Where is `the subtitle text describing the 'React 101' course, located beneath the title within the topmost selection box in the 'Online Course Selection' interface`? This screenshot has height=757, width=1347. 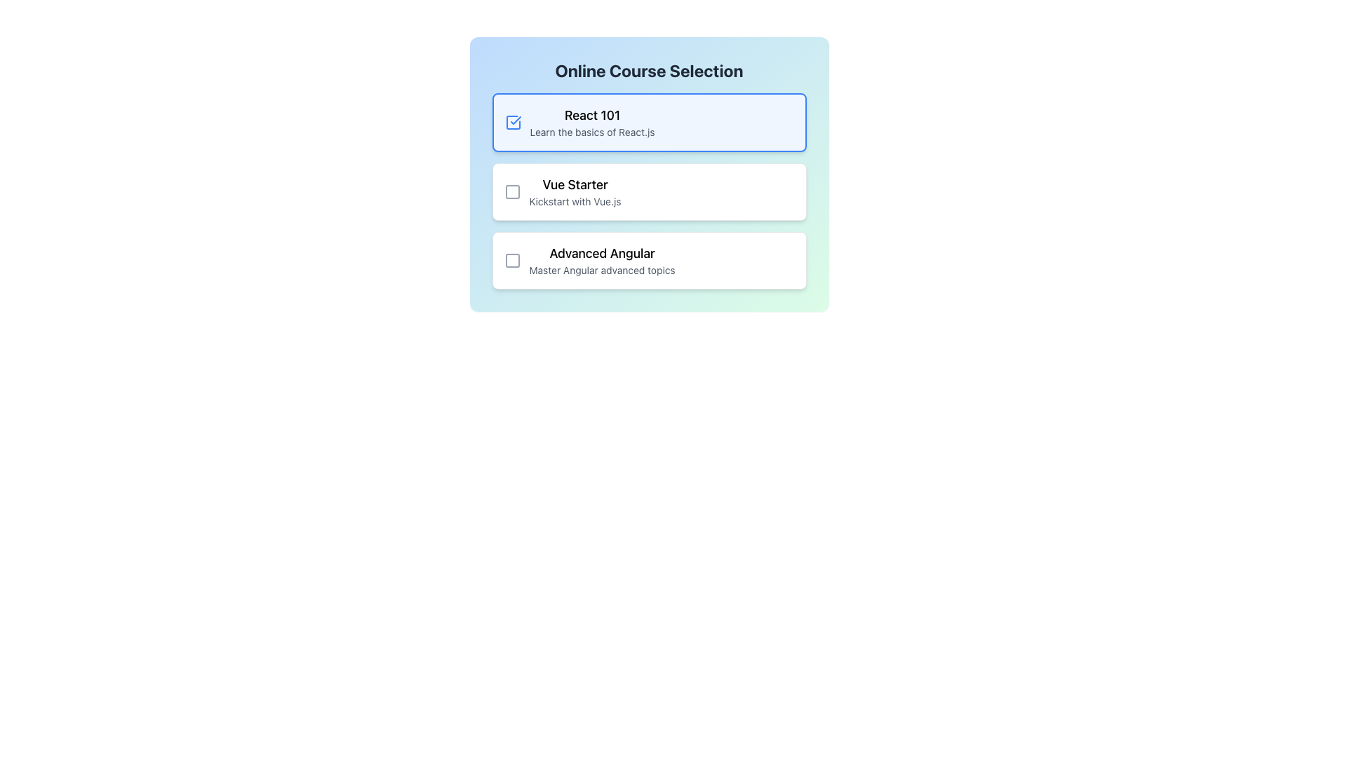 the subtitle text describing the 'React 101' course, located beneath the title within the topmost selection box in the 'Online Course Selection' interface is located at coordinates (592, 132).